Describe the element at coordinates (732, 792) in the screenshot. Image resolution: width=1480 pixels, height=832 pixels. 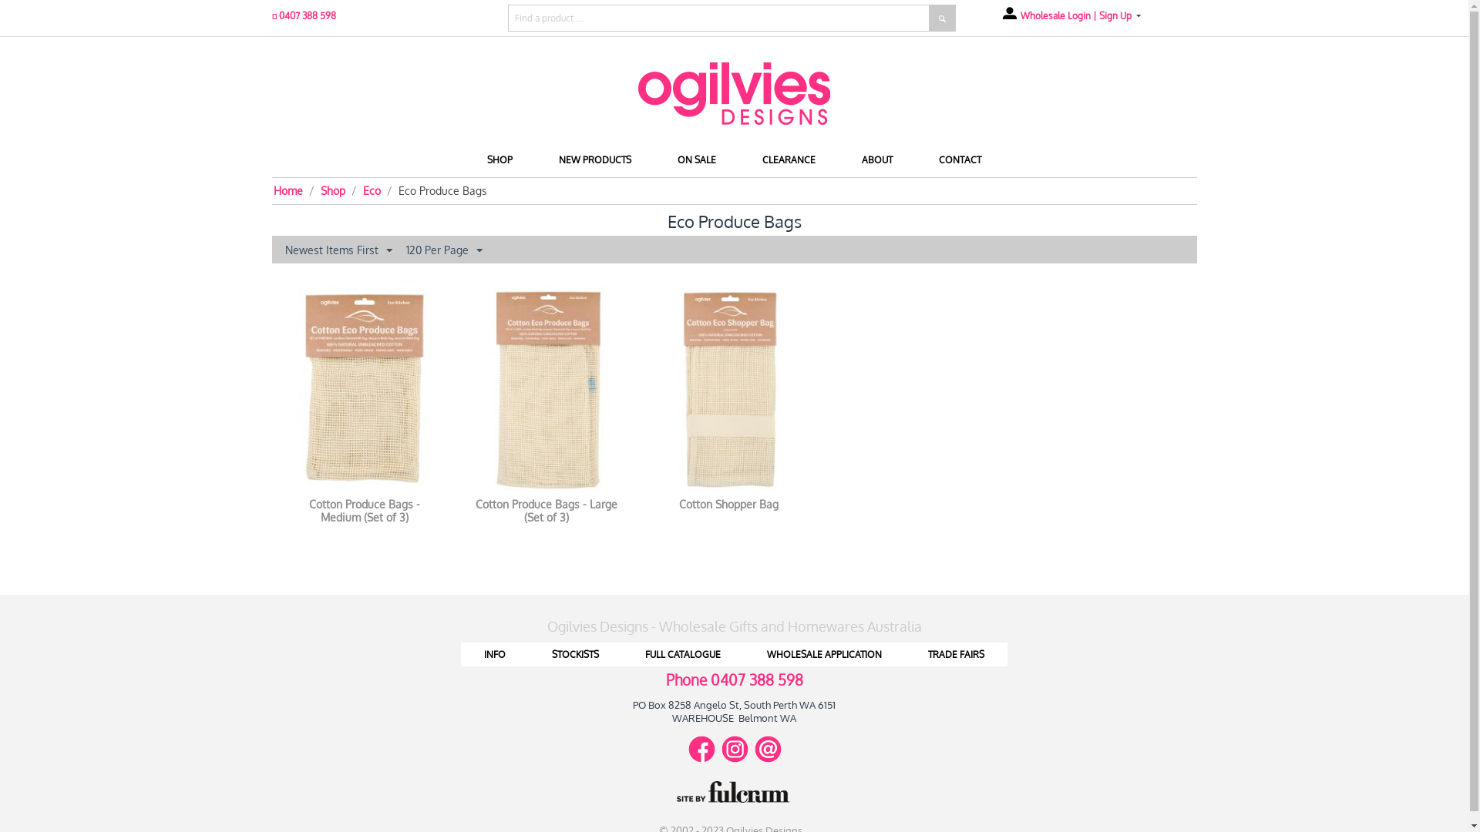
I see `'Site by Fulcrum'` at that location.